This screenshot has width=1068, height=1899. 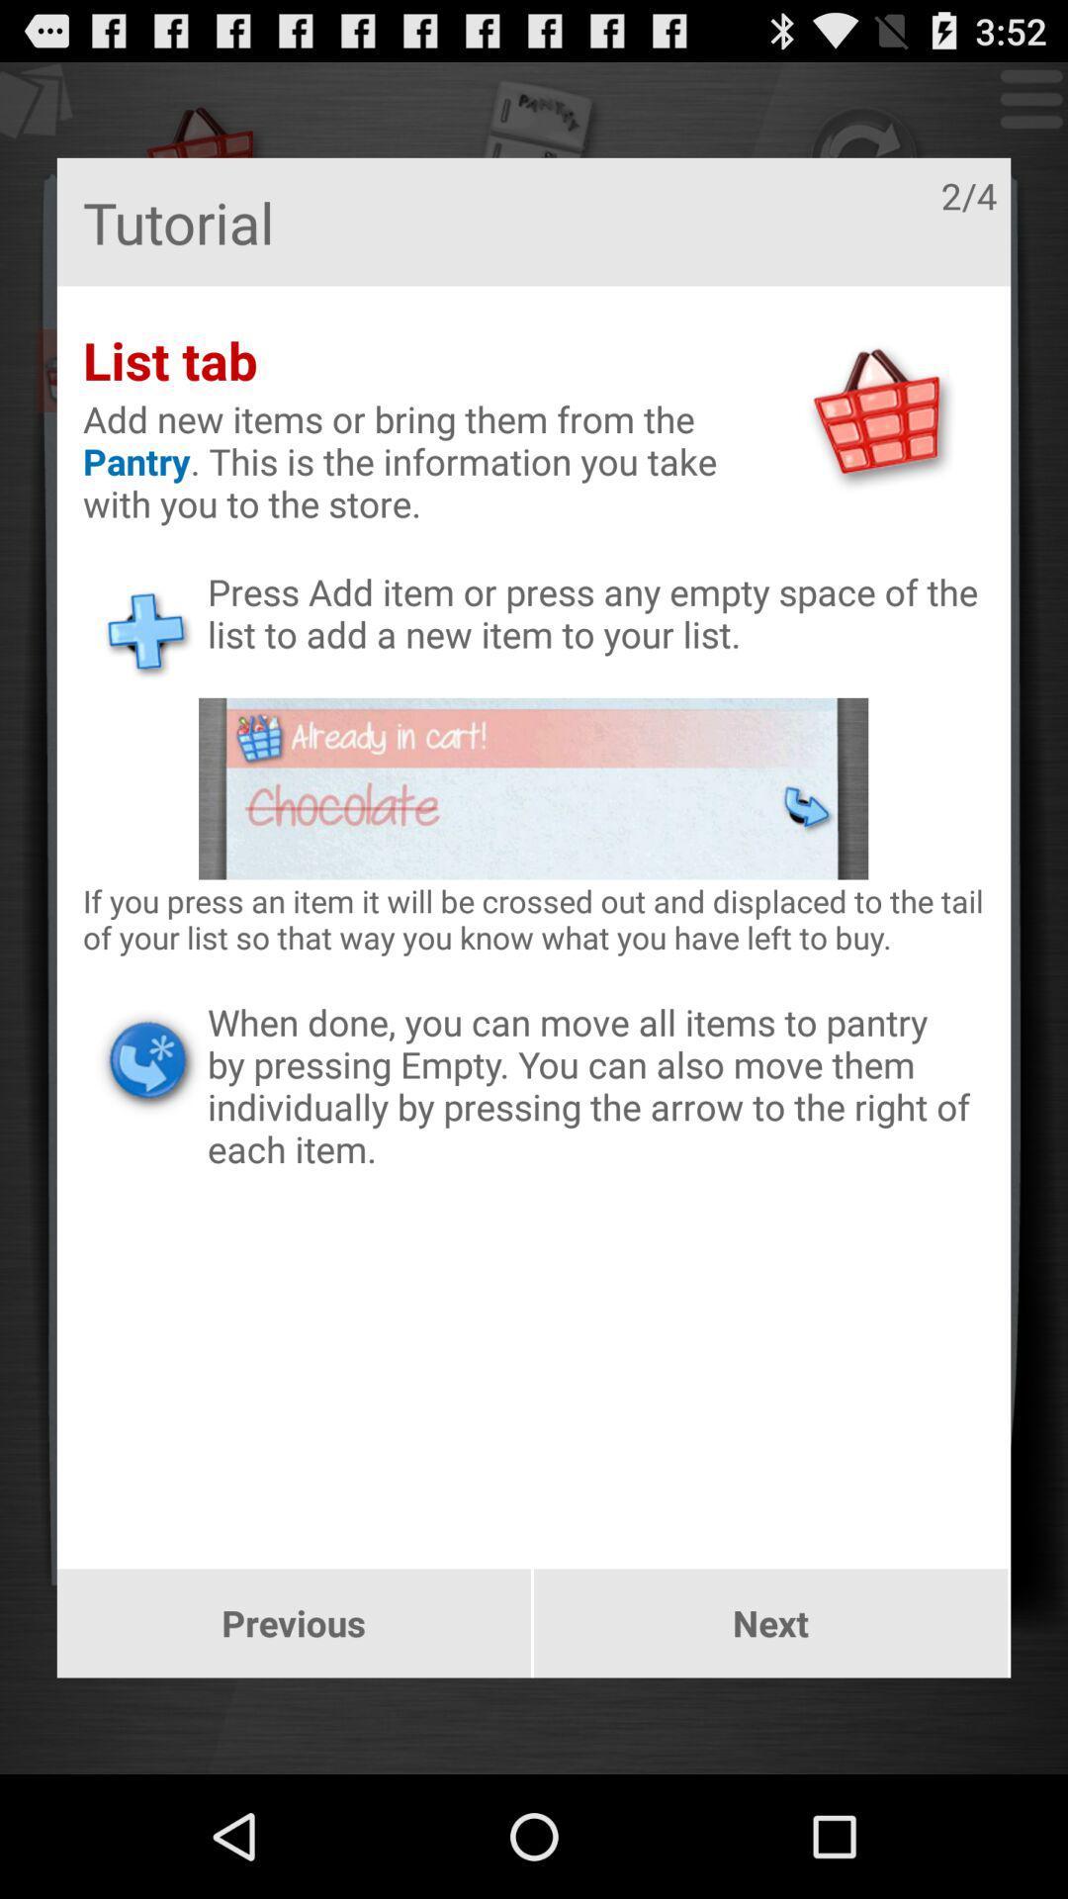 What do you see at coordinates (294, 1623) in the screenshot?
I see `the previous at the bottom left corner` at bounding box center [294, 1623].